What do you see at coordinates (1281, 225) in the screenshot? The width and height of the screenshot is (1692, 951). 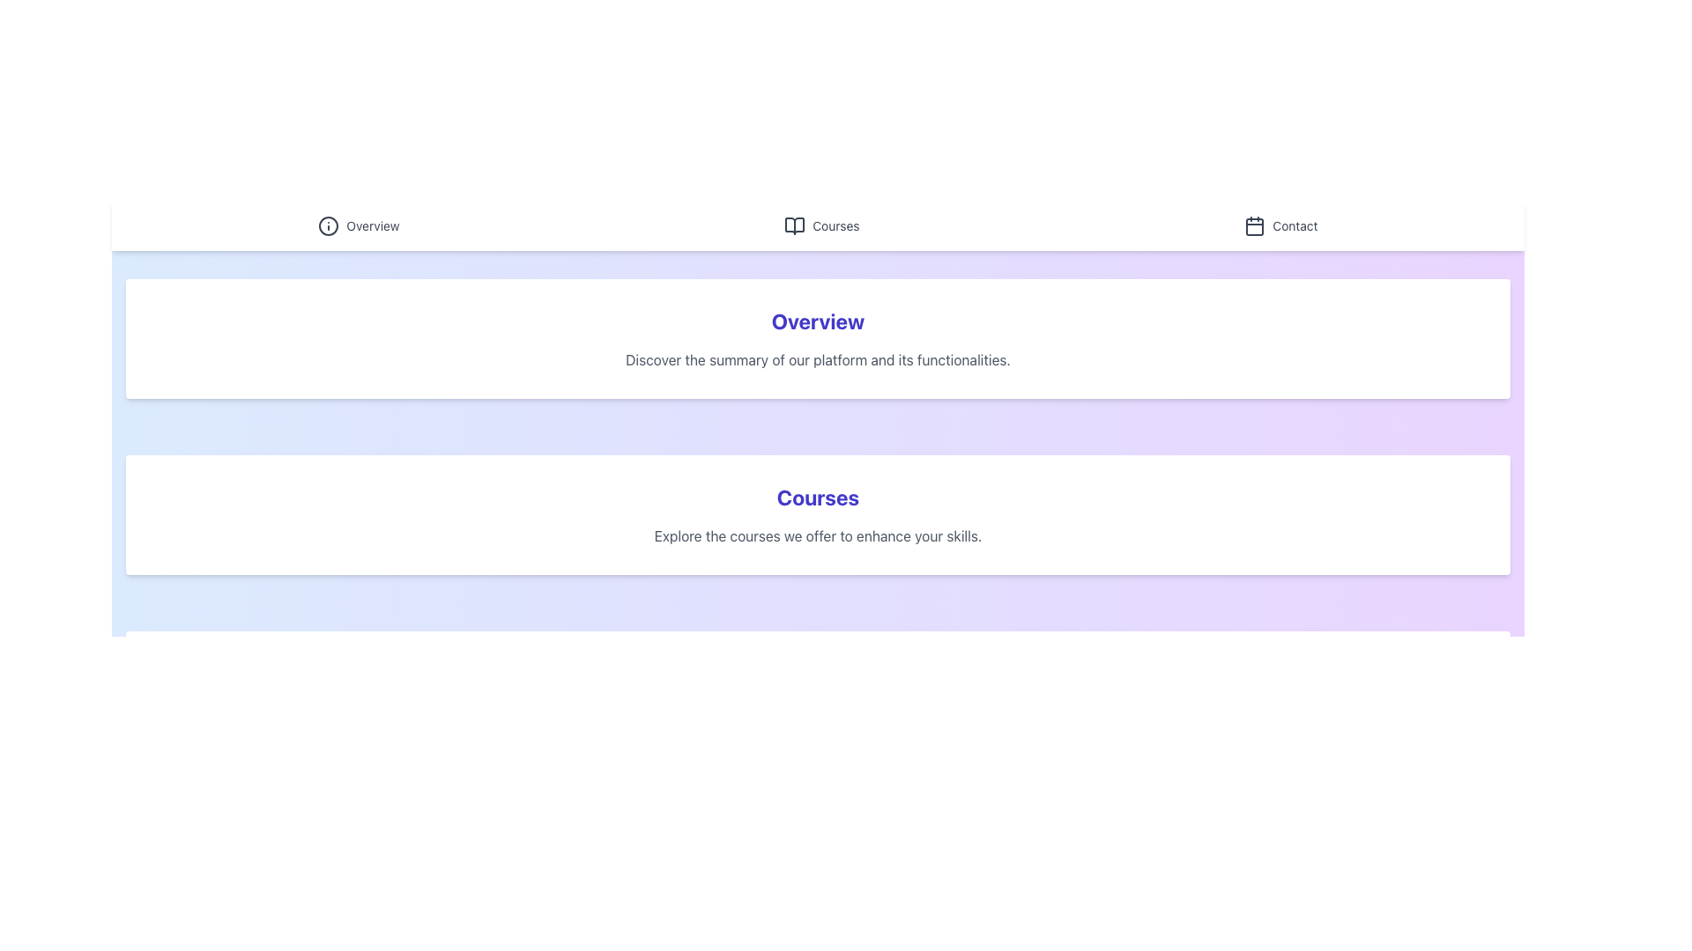 I see `the 'Contact' link in the top navigation bar, which is the last item among 'Overview', 'Courses', and 'Contact'` at bounding box center [1281, 225].